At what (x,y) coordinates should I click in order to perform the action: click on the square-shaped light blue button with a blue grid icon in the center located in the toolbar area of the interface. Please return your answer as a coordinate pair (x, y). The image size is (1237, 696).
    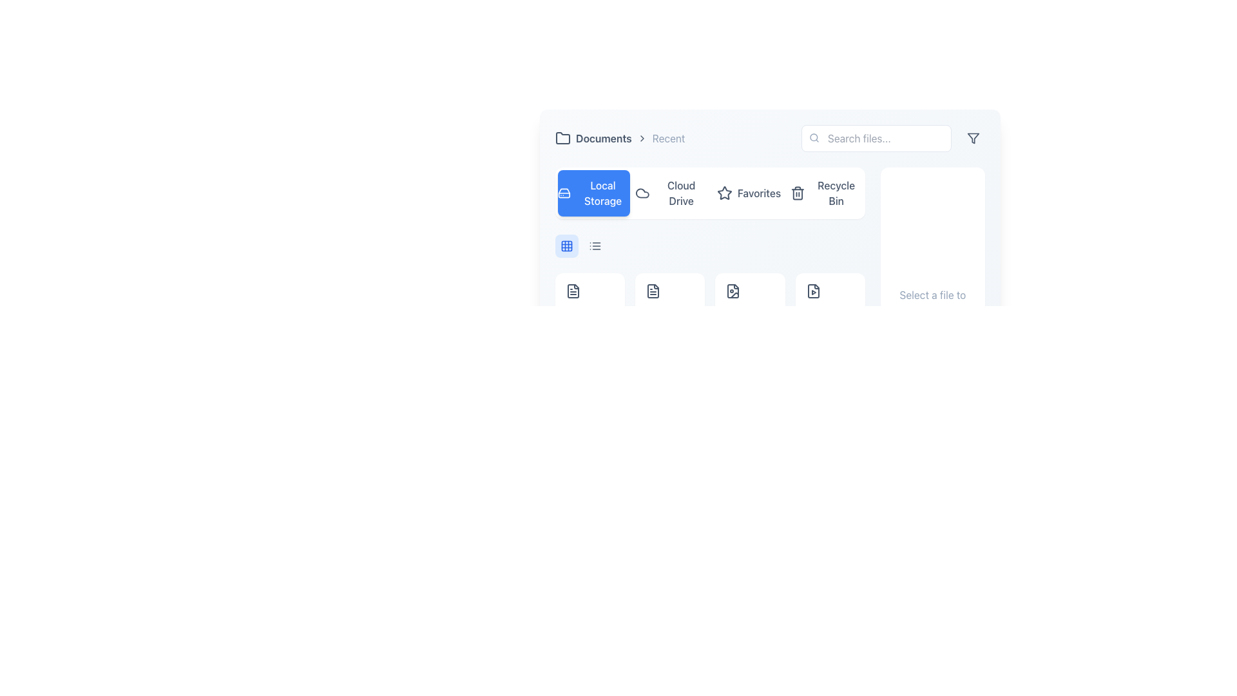
    Looking at the image, I should click on (566, 246).